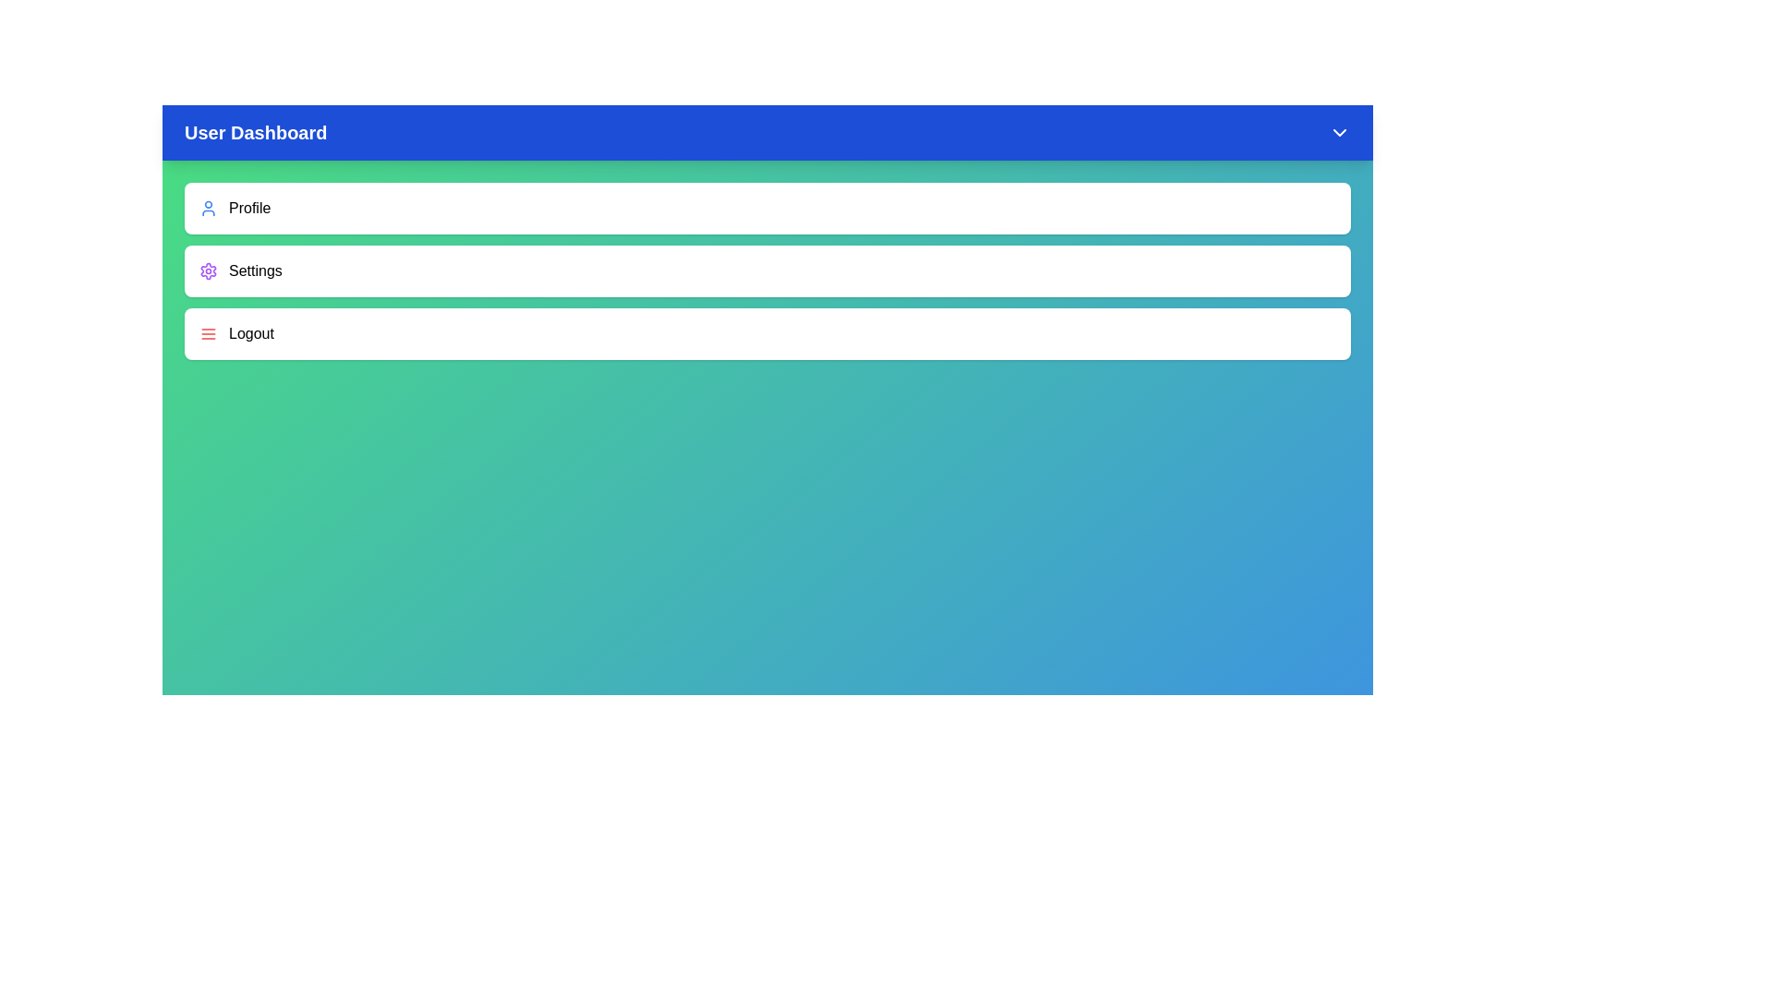 This screenshot has height=997, width=1773. What do you see at coordinates (767, 270) in the screenshot?
I see `the 'Settings' menu item` at bounding box center [767, 270].